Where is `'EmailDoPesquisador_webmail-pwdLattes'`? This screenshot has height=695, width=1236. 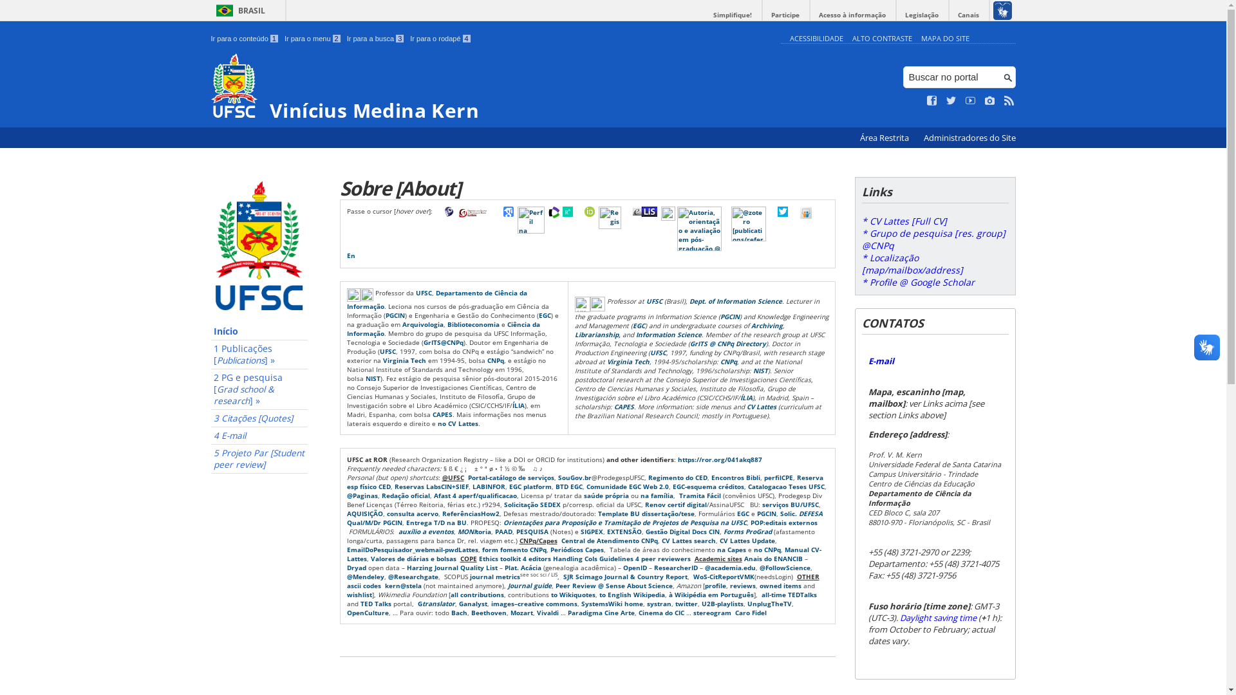 'EmailDoPesquisador_webmail-pwdLattes' is located at coordinates (411, 549).